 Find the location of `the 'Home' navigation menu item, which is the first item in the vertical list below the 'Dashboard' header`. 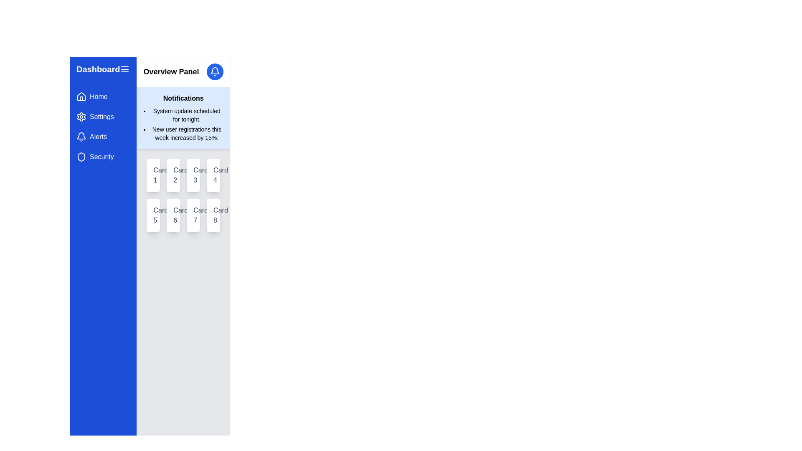

the 'Home' navigation menu item, which is the first item in the vertical list below the 'Dashboard' header is located at coordinates (103, 96).